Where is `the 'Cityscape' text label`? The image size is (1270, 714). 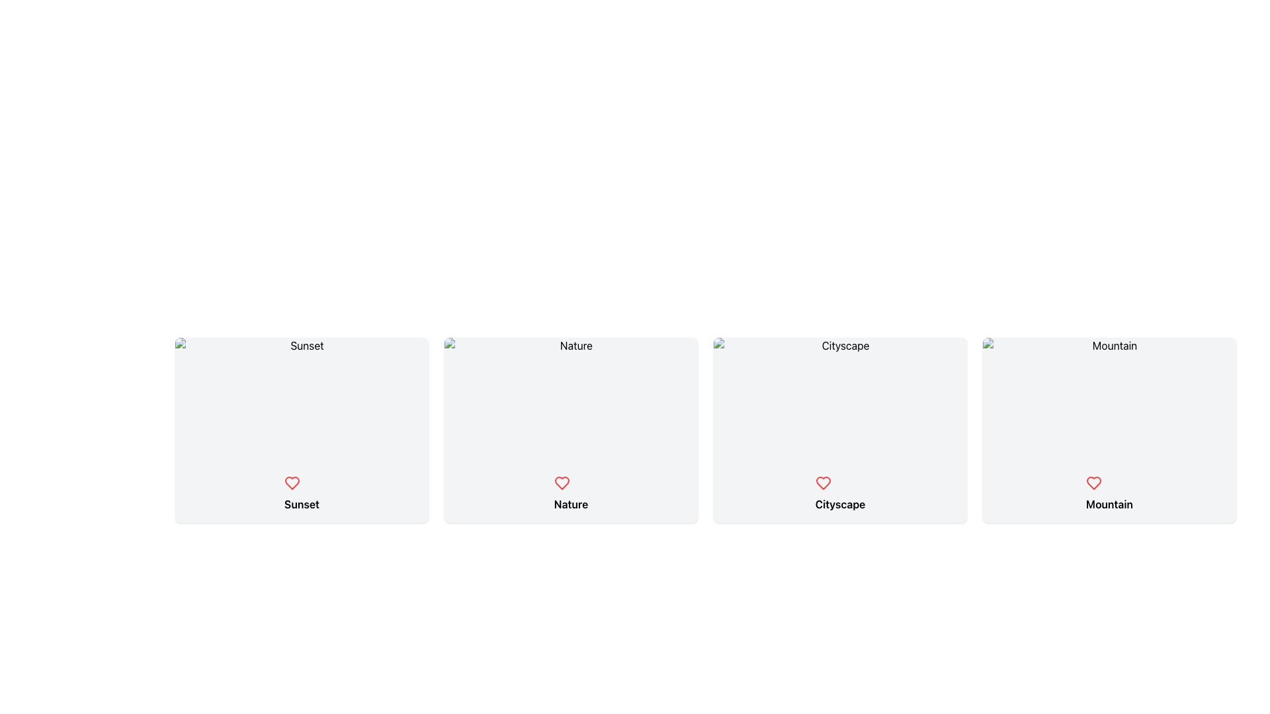 the 'Cityscape' text label is located at coordinates (839, 504).